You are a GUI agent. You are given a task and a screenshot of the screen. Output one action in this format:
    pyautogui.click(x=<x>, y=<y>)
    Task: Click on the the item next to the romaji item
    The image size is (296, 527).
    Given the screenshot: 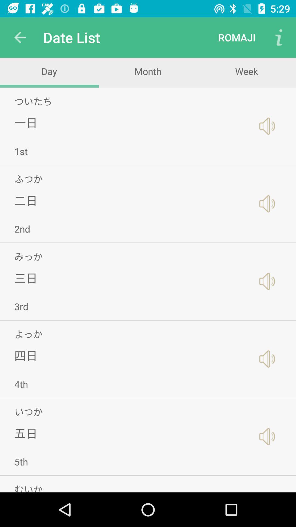 What is the action you would take?
    pyautogui.click(x=279, y=37)
    